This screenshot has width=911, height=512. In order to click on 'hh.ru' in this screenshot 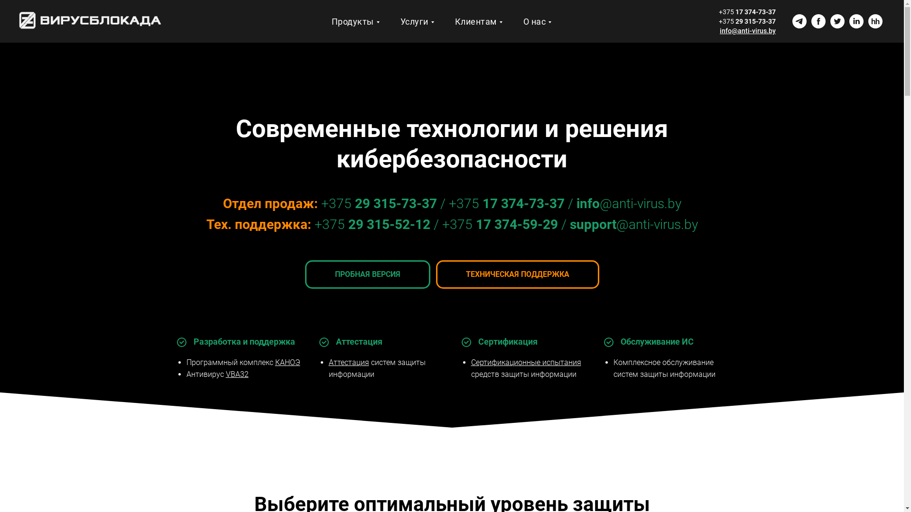, I will do `click(874, 21)`.